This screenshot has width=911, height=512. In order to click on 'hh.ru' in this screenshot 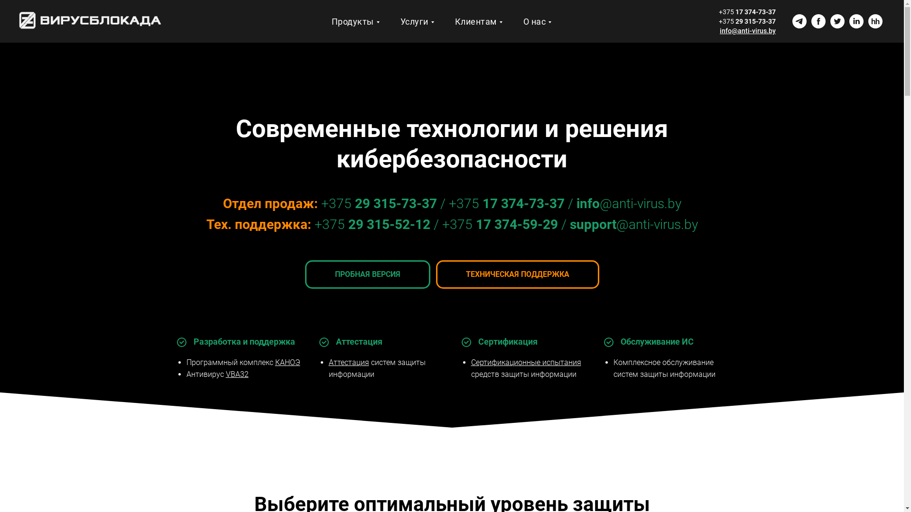, I will do `click(874, 21)`.